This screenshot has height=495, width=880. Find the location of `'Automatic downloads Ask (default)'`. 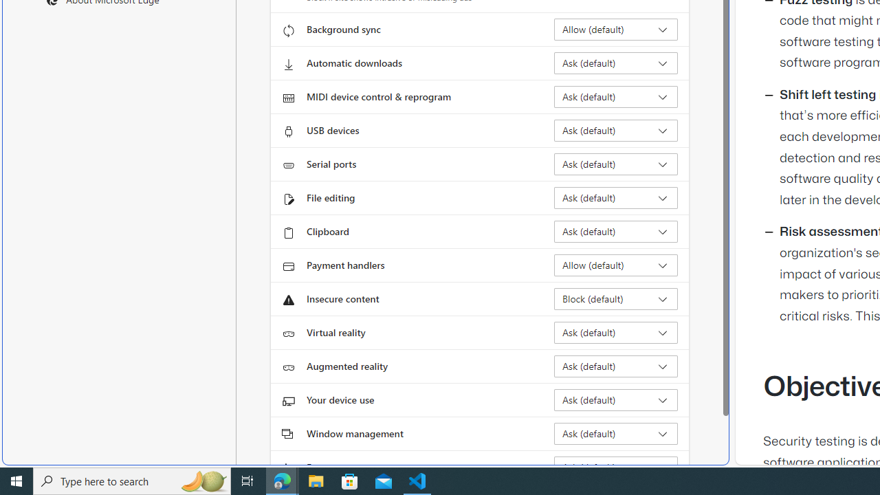

'Automatic downloads Ask (default)' is located at coordinates (615, 63).